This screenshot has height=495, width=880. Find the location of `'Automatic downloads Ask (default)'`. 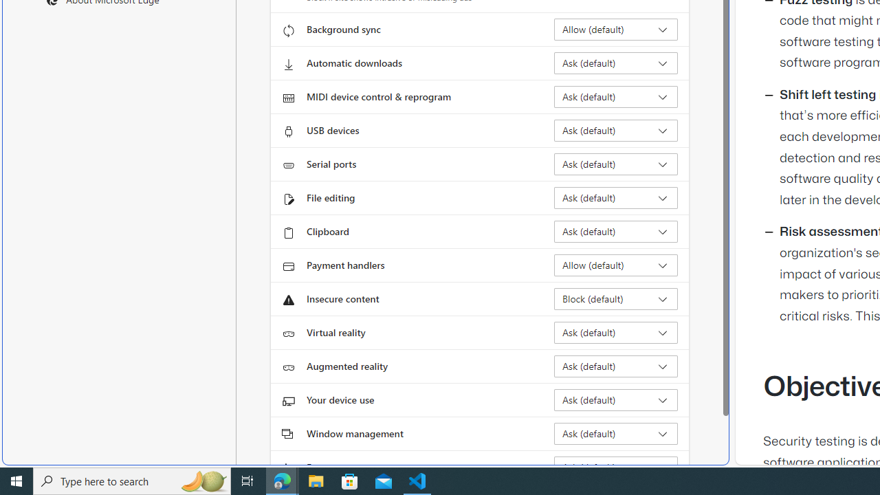

'Automatic downloads Ask (default)' is located at coordinates (615, 63).